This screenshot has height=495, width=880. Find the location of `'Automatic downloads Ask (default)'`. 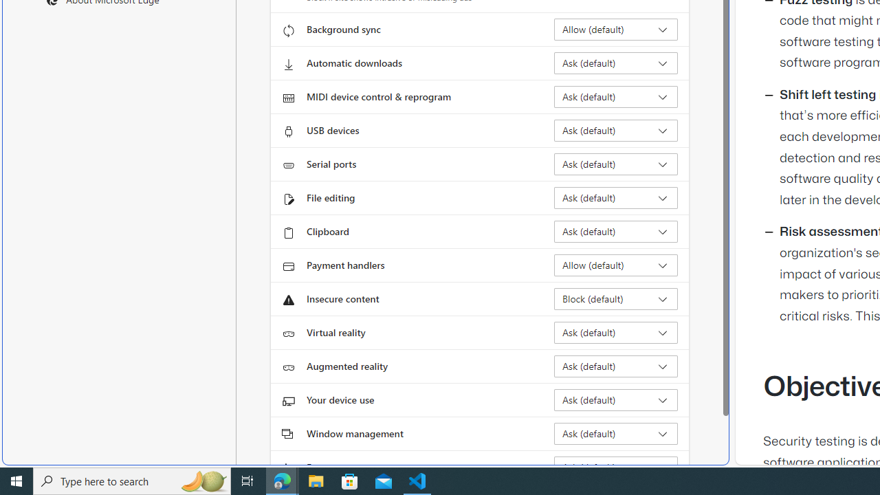

'Automatic downloads Ask (default)' is located at coordinates (615, 63).